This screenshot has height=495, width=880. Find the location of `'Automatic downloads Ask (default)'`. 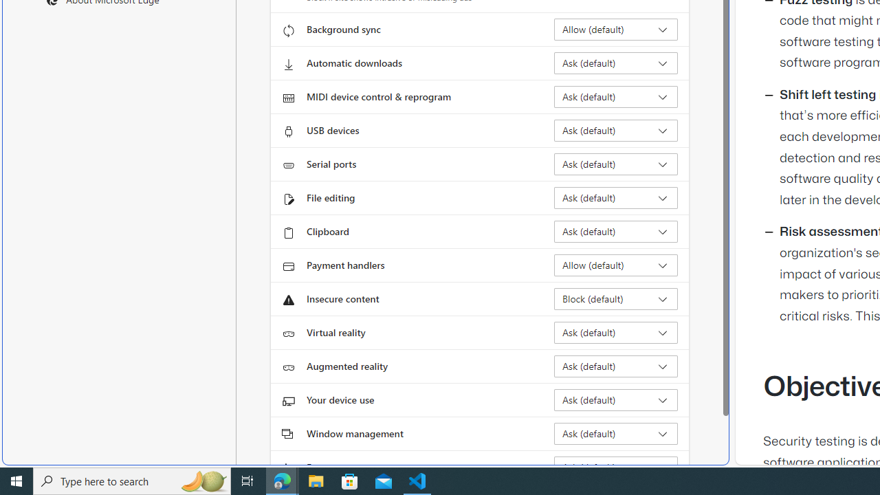

'Automatic downloads Ask (default)' is located at coordinates (615, 63).